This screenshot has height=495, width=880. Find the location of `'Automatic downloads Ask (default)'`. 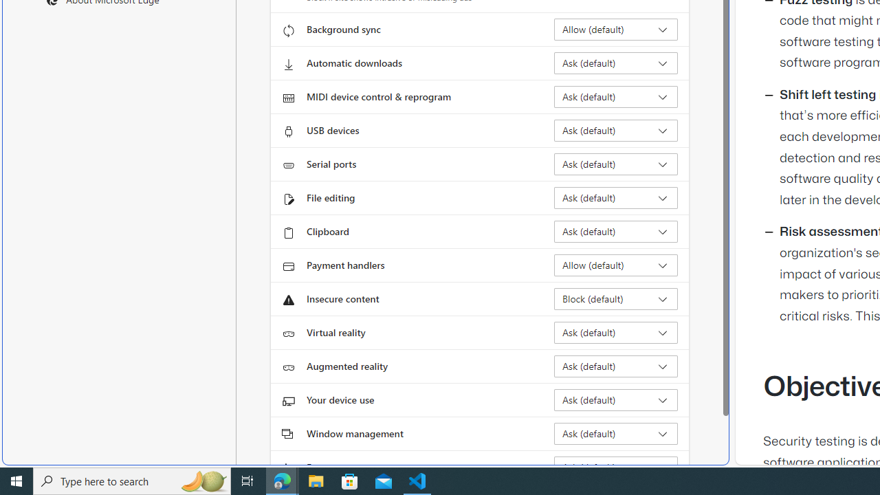

'Automatic downloads Ask (default)' is located at coordinates (615, 63).